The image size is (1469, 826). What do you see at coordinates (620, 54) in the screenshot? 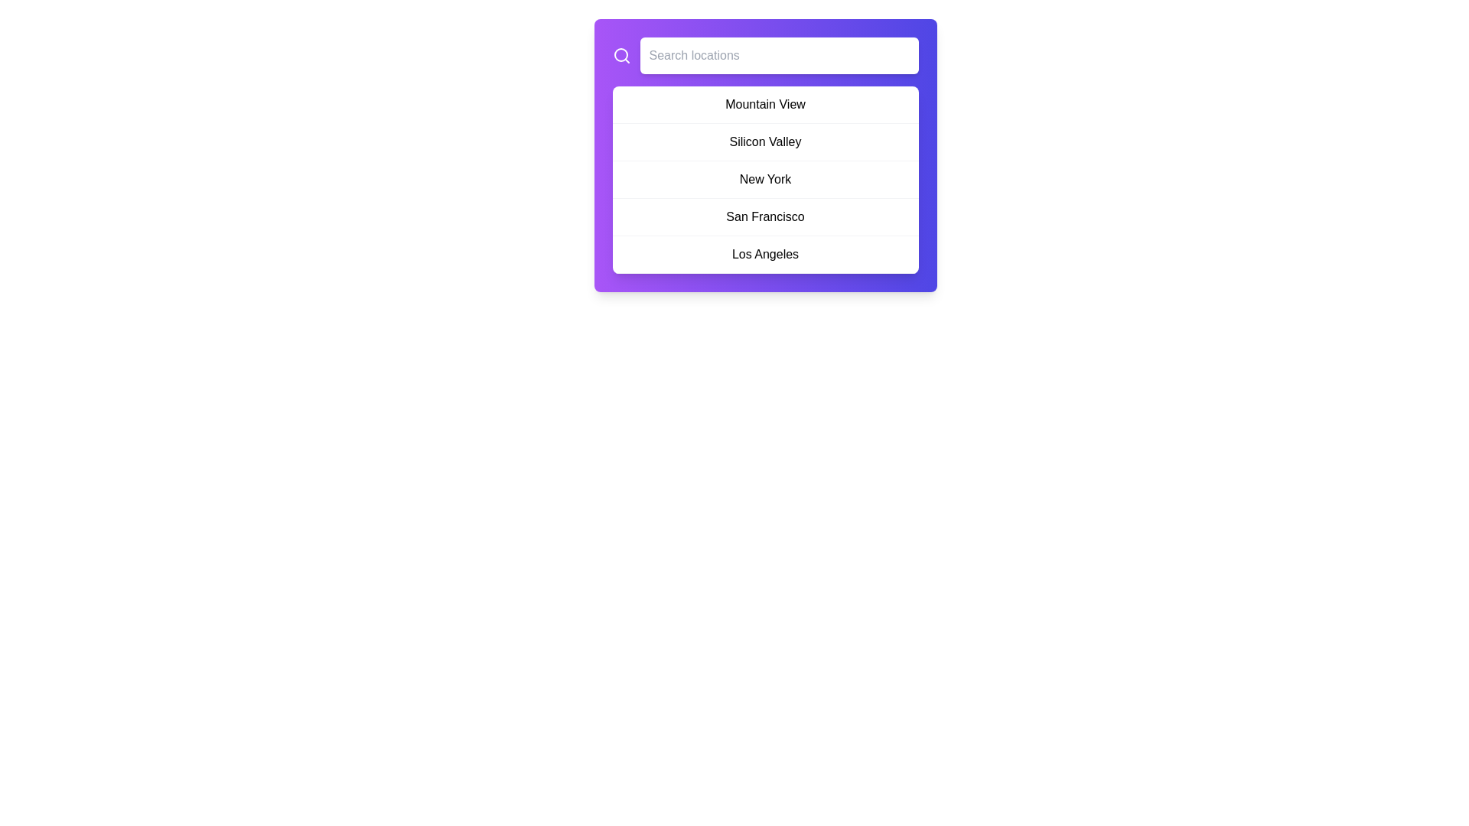
I see `the graphical part of the search icon, which symbolizes the lens of the magnifying glass and is located to the left of the input field labeled 'Search locations'` at bounding box center [620, 54].